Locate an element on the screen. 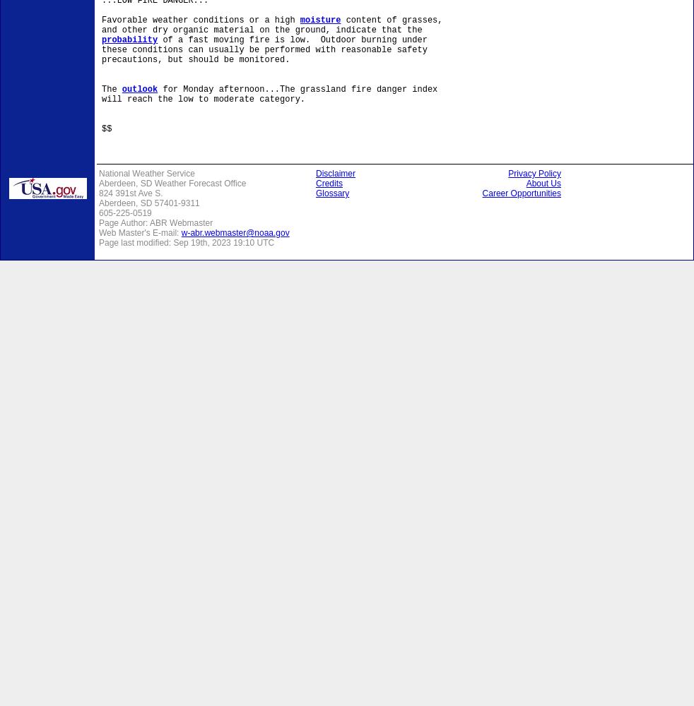 The height and width of the screenshot is (706, 694). 'About Us' is located at coordinates (543, 184).